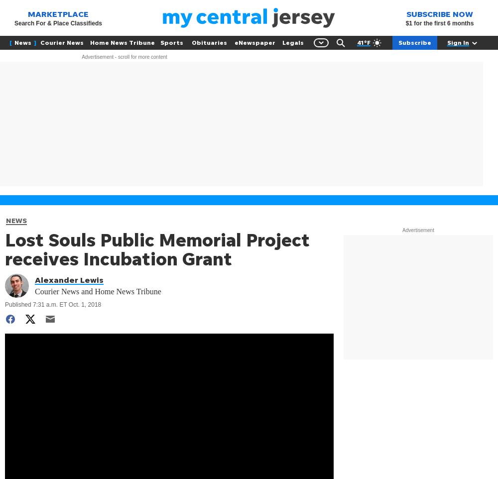 The height and width of the screenshot is (479, 498). I want to click on 'Legals', so click(292, 42).